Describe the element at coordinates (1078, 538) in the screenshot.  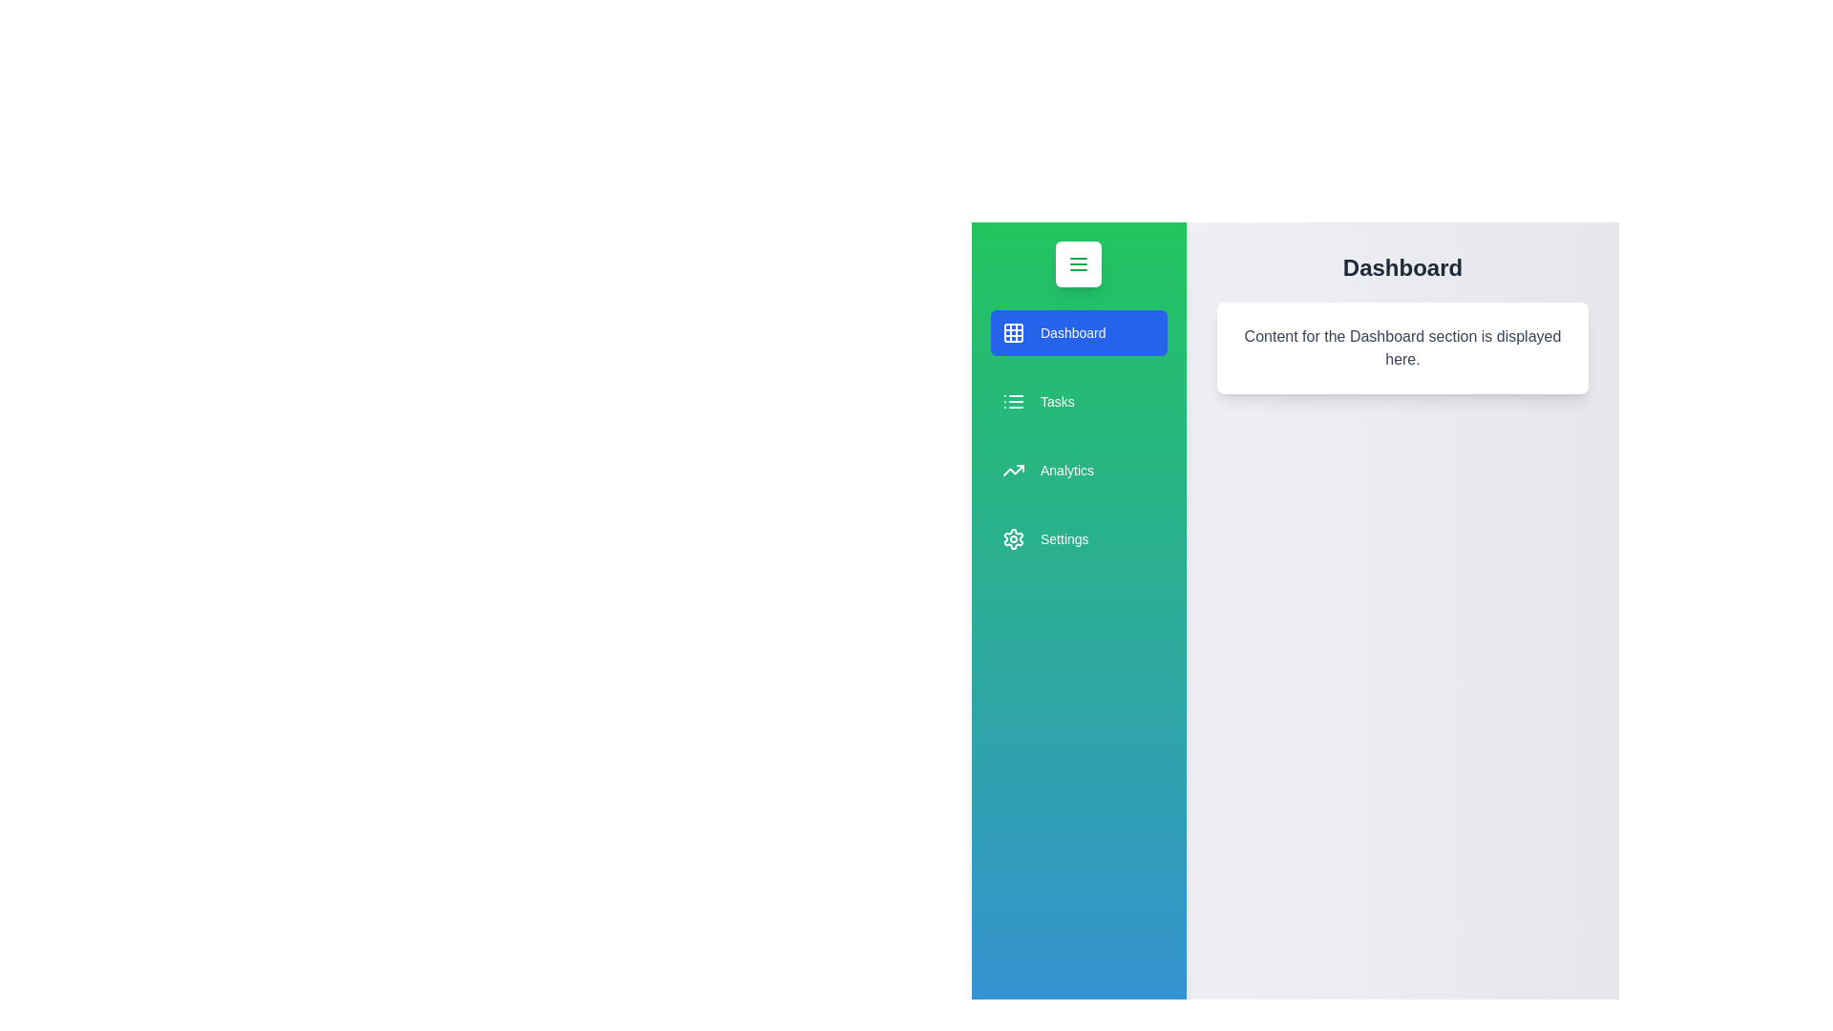
I see `the Settings tab` at that location.